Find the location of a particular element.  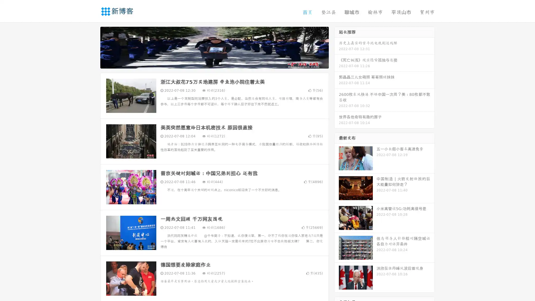

Go to slide 2 is located at coordinates (214, 63).